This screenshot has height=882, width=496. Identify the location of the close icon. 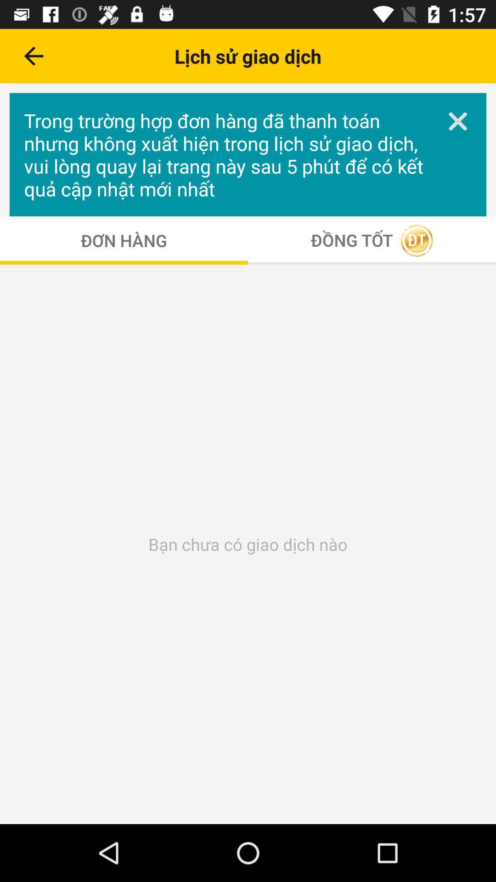
(458, 121).